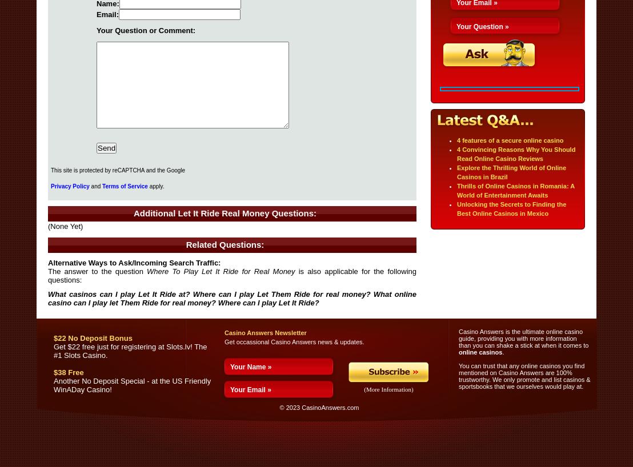  What do you see at coordinates (68, 372) in the screenshot?
I see `'$38 Free'` at bounding box center [68, 372].